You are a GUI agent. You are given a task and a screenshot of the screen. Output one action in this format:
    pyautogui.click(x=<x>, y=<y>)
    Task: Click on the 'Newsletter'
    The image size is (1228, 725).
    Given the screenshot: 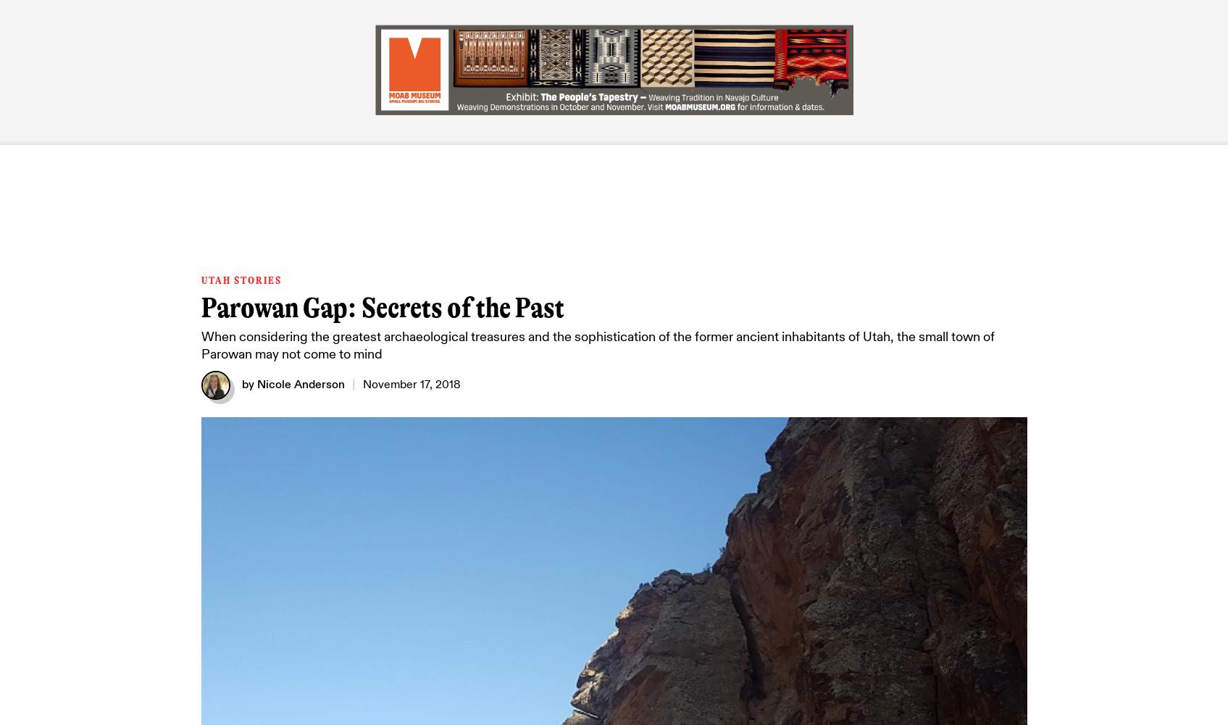 What is the action you would take?
    pyautogui.click(x=804, y=70)
    